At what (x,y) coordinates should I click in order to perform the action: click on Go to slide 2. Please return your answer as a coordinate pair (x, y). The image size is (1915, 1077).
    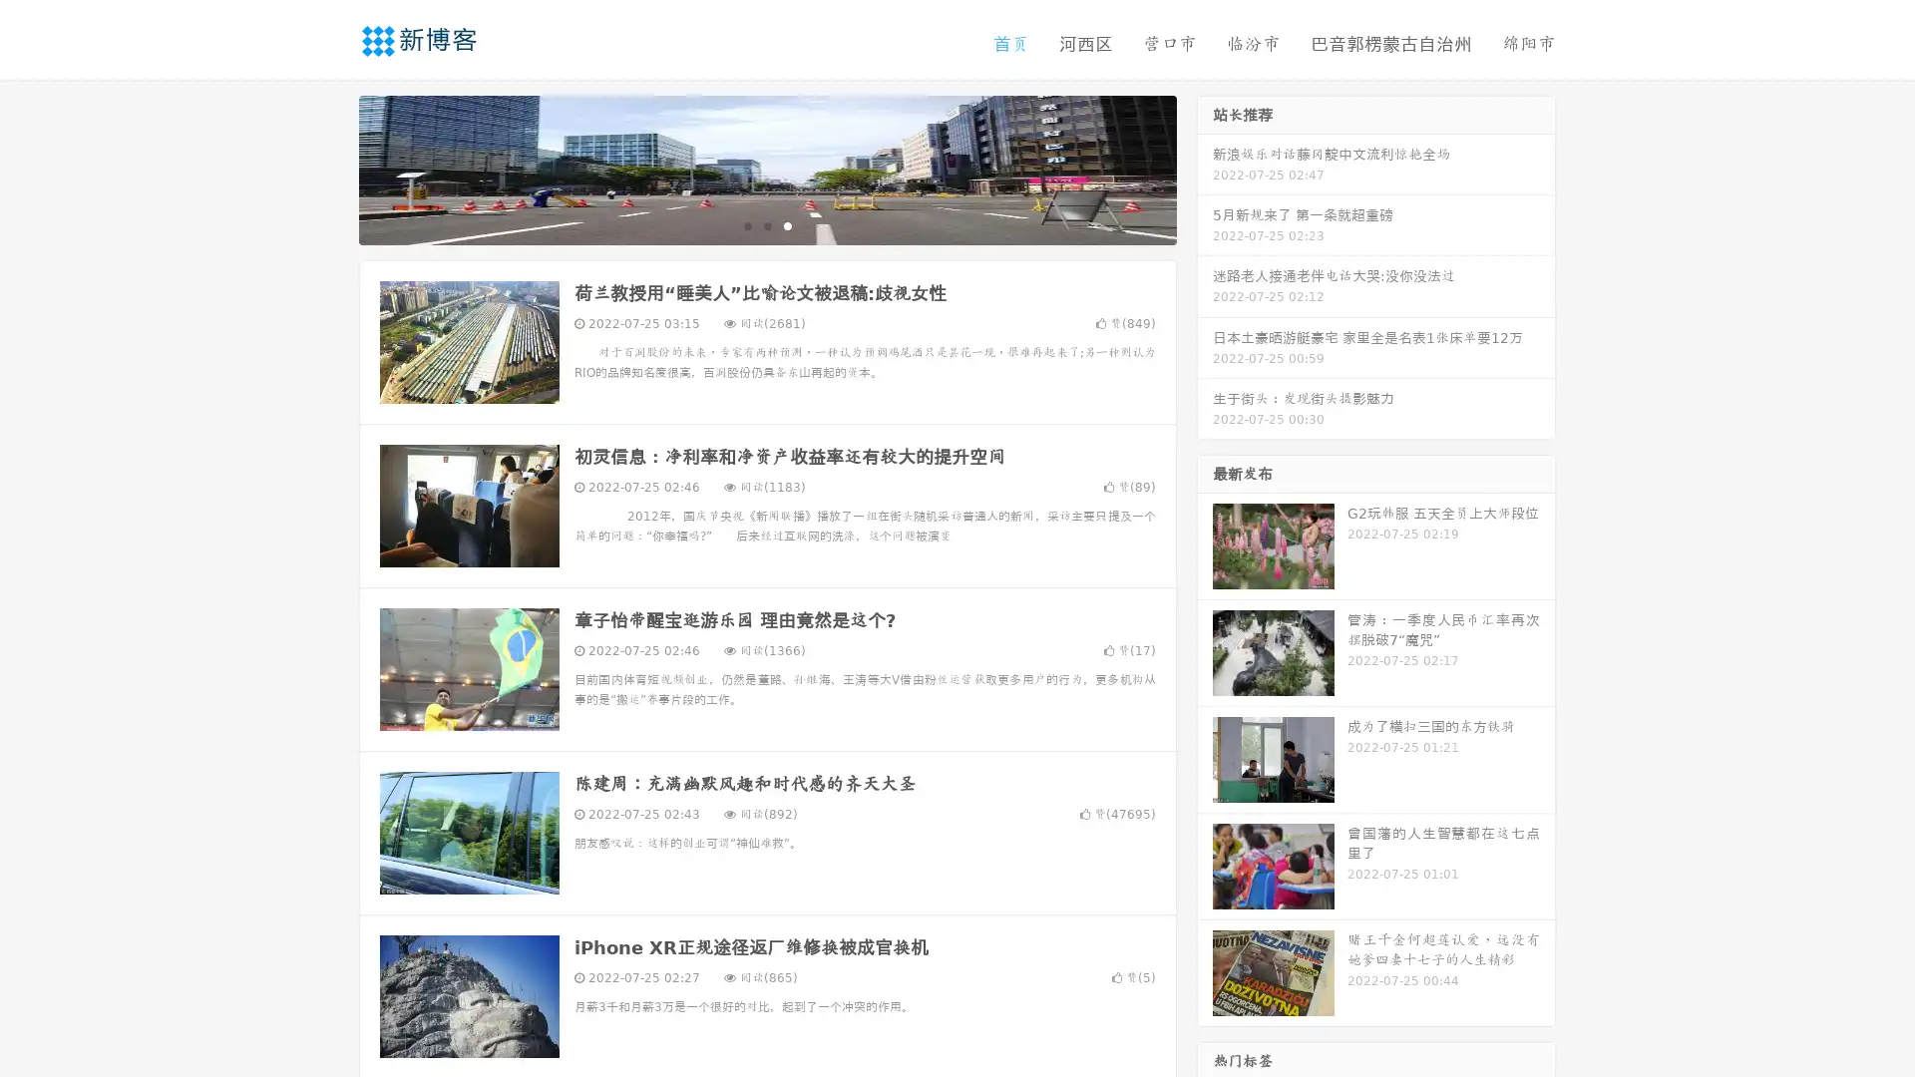
    Looking at the image, I should click on (766, 224).